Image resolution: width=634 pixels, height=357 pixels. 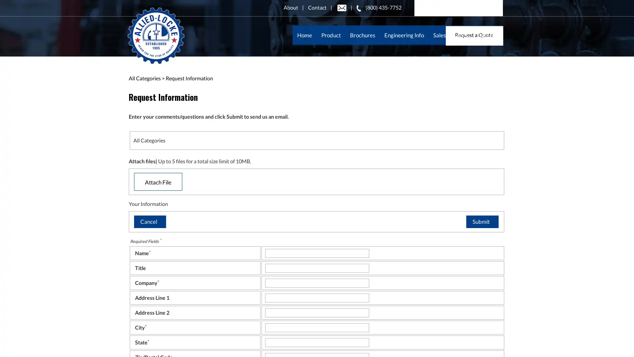 I want to click on Attach File No file chosen, Choose Files, so click(x=158, y=181).